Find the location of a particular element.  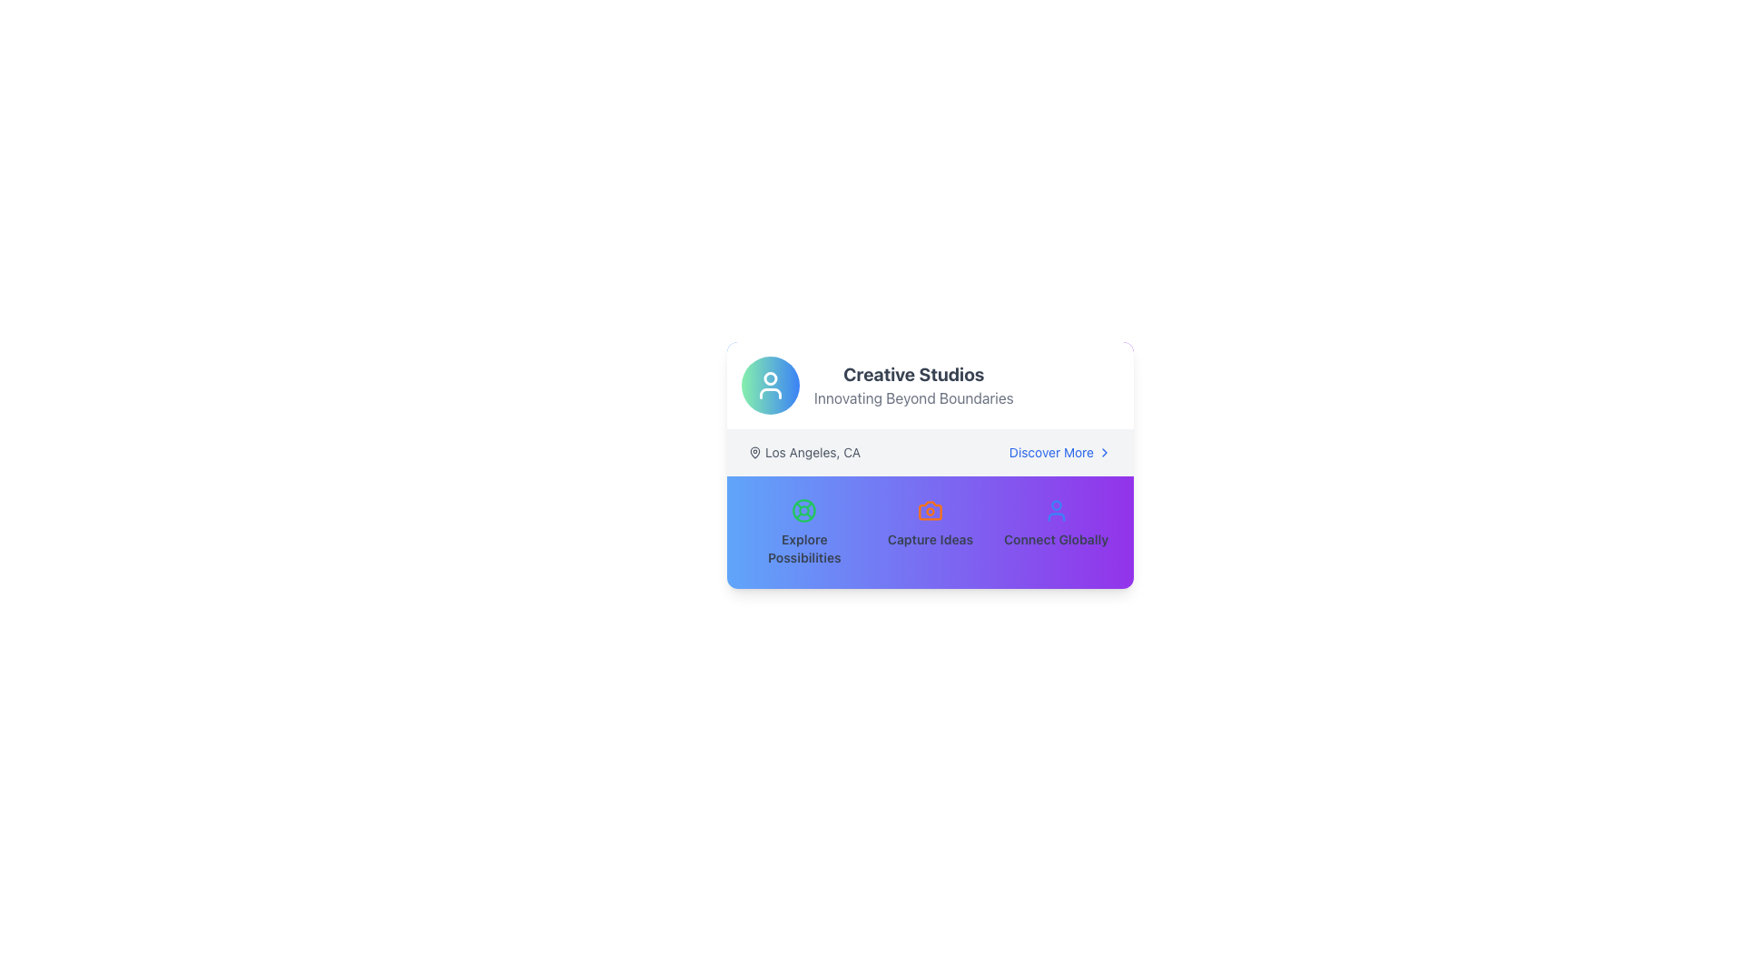

the static text label that indicates the current geographical location, positioned to the right of the map pin icon and centrally aligned within the card component is located at coordinates (812, 451).